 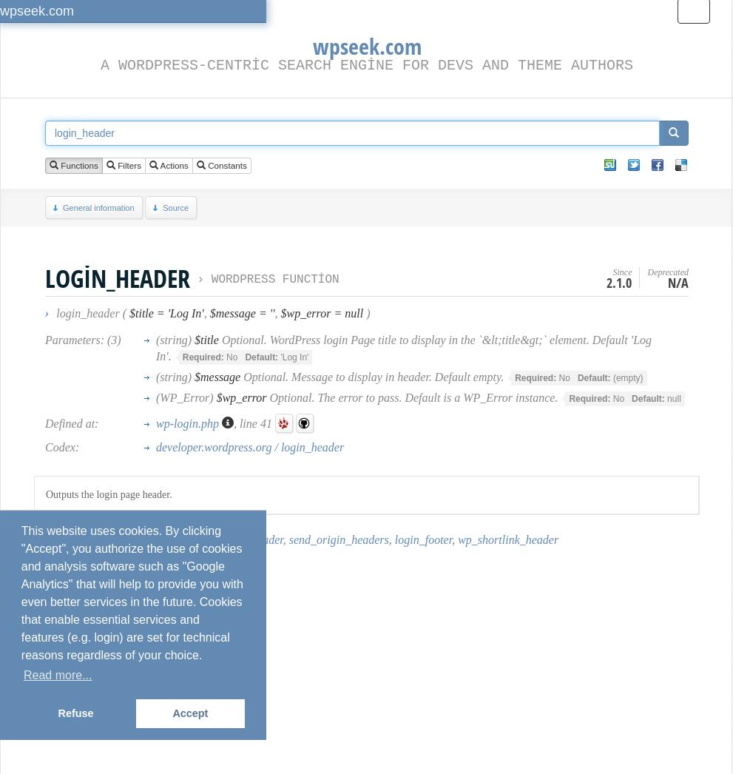 I want to click on 'WordPress Function', so click(x=210, y=280).